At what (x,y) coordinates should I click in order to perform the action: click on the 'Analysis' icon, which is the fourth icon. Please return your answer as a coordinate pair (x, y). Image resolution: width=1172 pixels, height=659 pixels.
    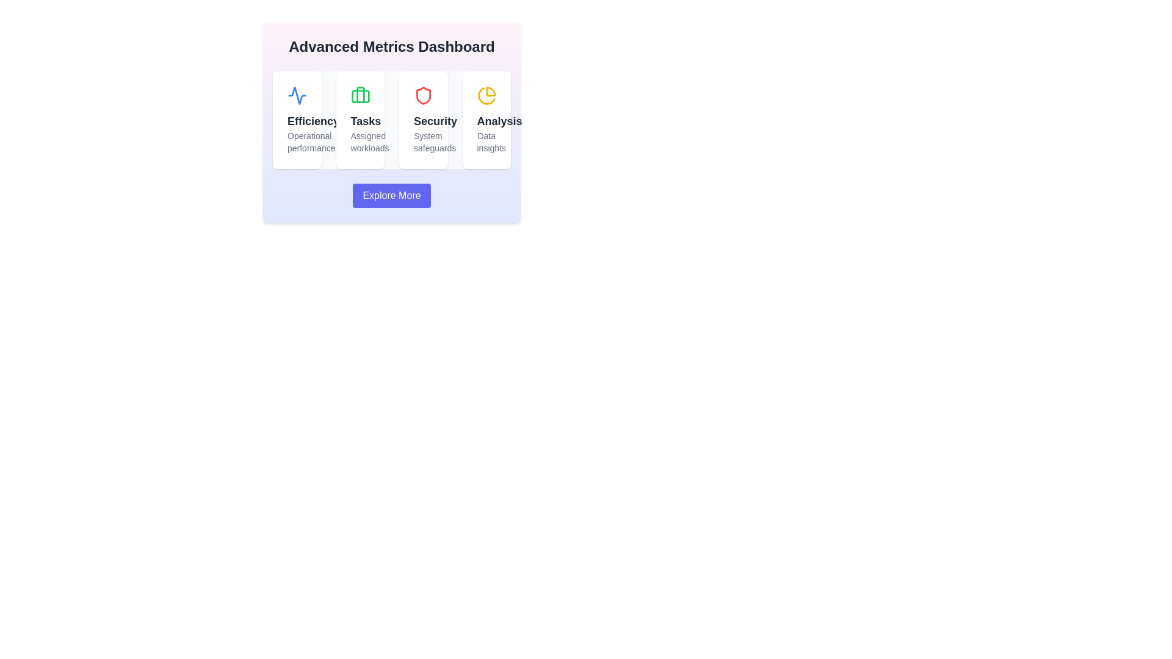
    Looking at the image, I should click on (486, 95).